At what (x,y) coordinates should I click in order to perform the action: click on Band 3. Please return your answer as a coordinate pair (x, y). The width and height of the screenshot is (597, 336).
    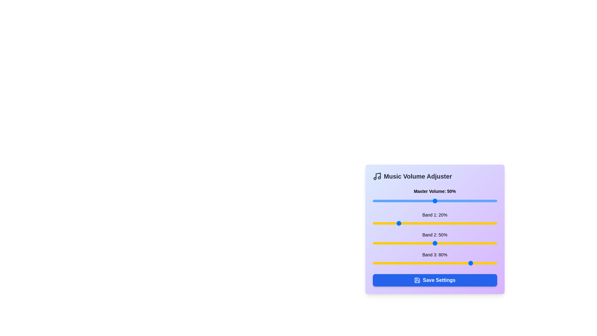
    Looking at the image, I should click on (419, 263).